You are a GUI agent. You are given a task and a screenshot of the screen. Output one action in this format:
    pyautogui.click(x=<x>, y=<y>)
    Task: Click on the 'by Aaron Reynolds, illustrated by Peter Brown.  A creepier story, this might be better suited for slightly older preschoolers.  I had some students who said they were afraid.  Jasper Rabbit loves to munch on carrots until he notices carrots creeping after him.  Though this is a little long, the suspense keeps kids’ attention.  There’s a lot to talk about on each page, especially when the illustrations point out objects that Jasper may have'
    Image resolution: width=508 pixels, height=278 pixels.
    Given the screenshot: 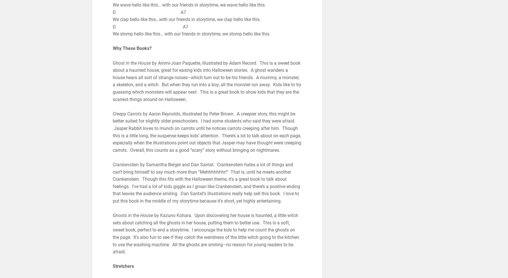 What is the action you would take?
    pyautogui.click(x=206, y=128)
    